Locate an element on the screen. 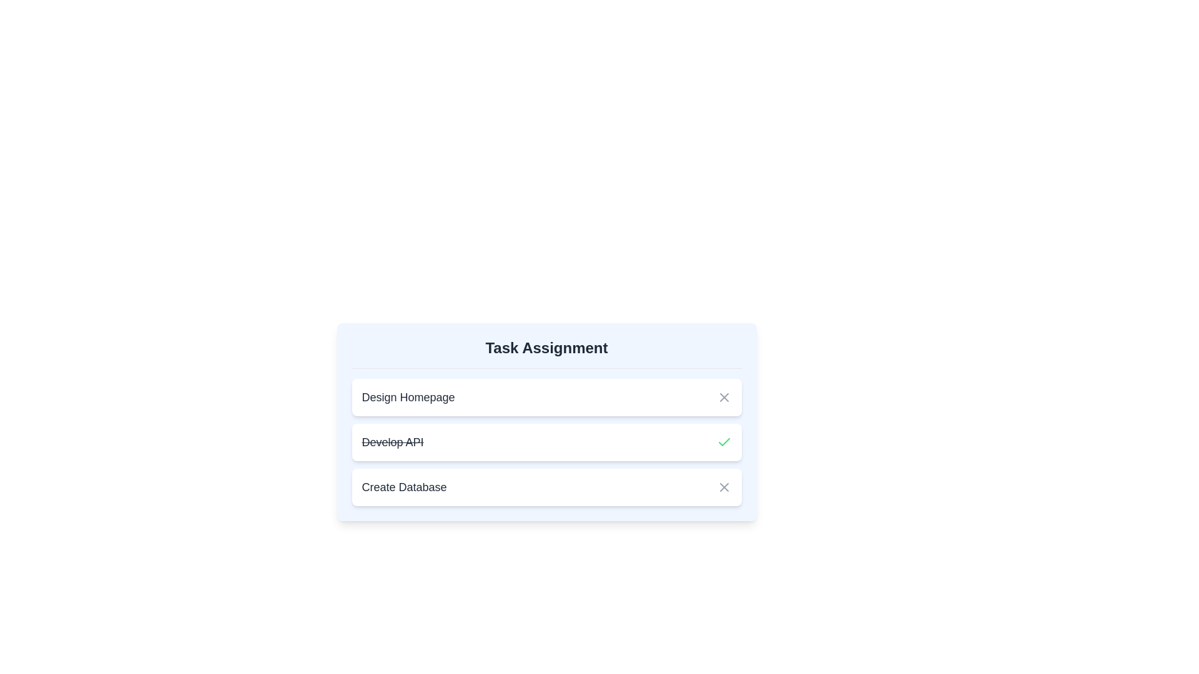 The image size is (1199, 674). the 'X' icon located at the far right of the 'Create Database' task row is located at coordinates (724, 486).